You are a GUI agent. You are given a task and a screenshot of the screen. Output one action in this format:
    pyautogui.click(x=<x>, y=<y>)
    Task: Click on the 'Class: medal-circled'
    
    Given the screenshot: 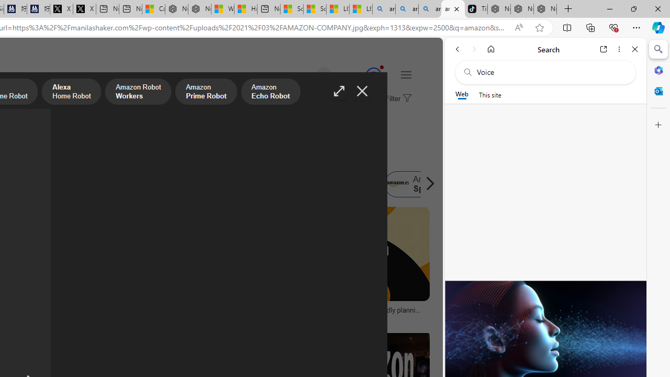 What is the action you would take?
    pyautogui.click(x=373, y=75)
    